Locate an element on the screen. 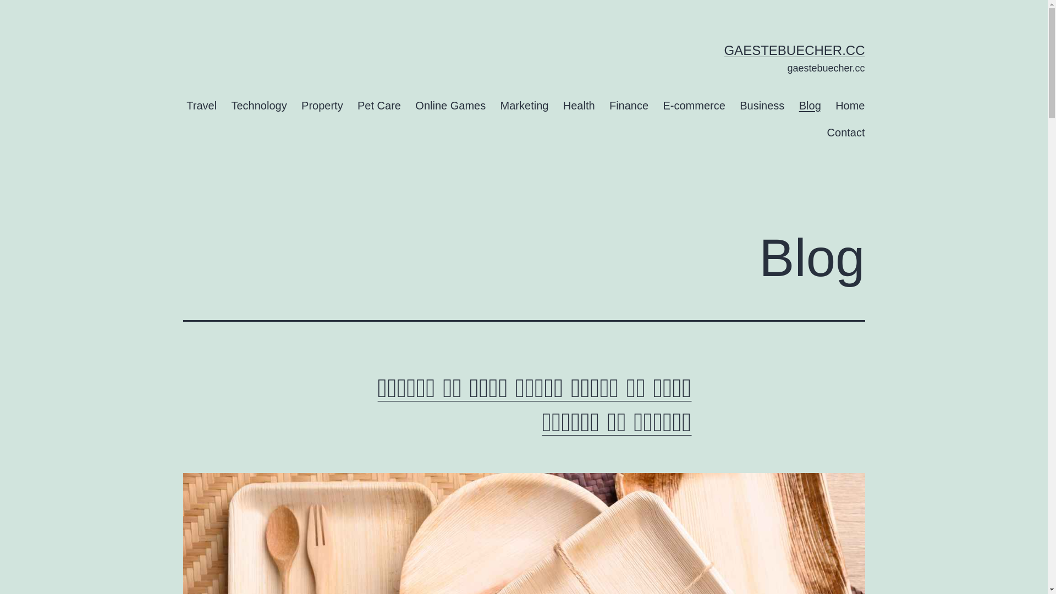  'E-commerce' is located at coordinates (655, 105).